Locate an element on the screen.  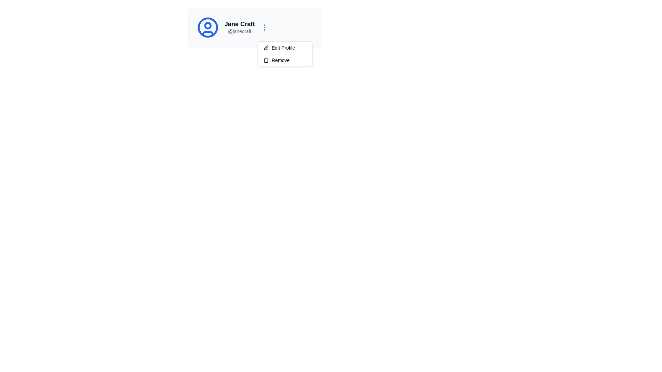
the decorative SVG circle located within the user avatar in the top-left corner of the user profile card is located at coordinates (208, 25).